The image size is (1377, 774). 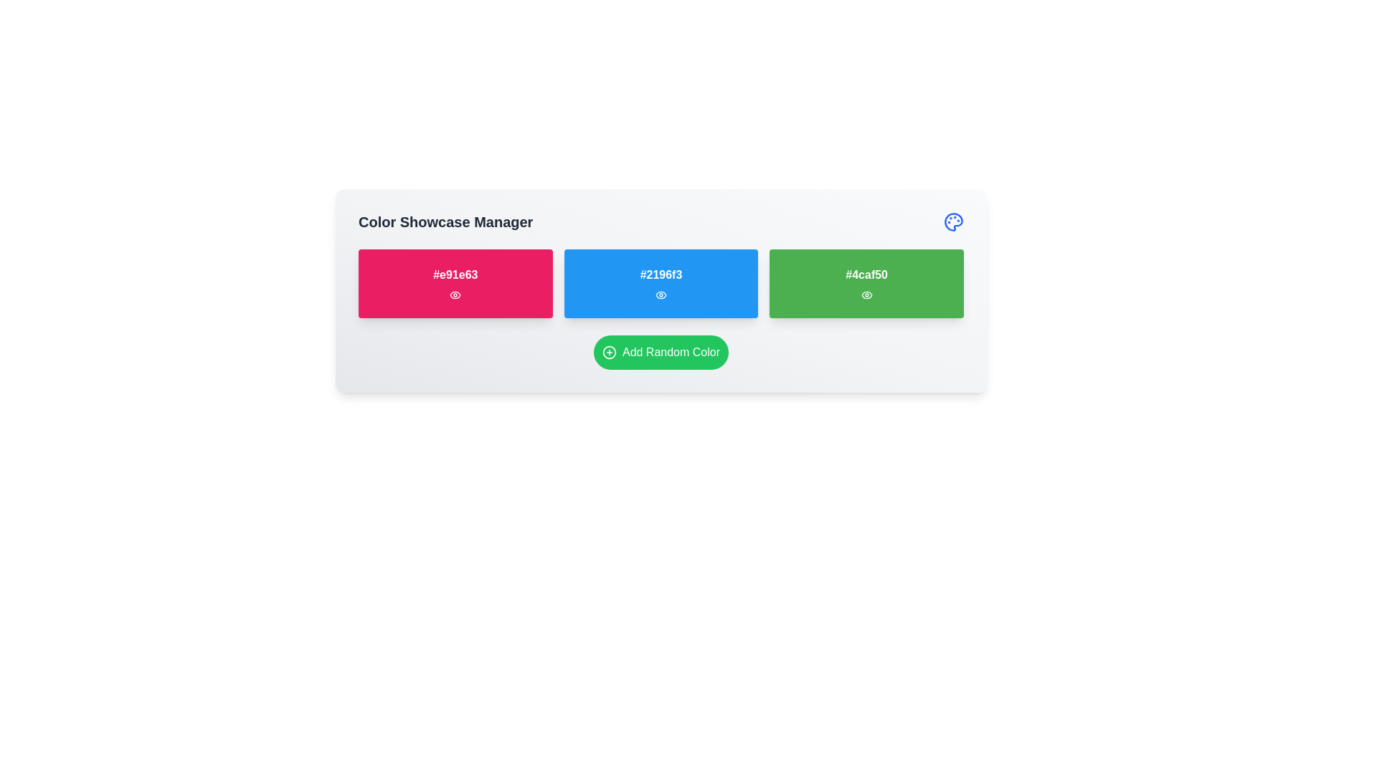 What do you see at coordinates (866, 275) in the screenshot?
I see `the text label displaying the hexadecimal color code for the green card, located at the top-center of the third card in the 'Color Showcase Manager' interface` at bounding box center [866, 275].